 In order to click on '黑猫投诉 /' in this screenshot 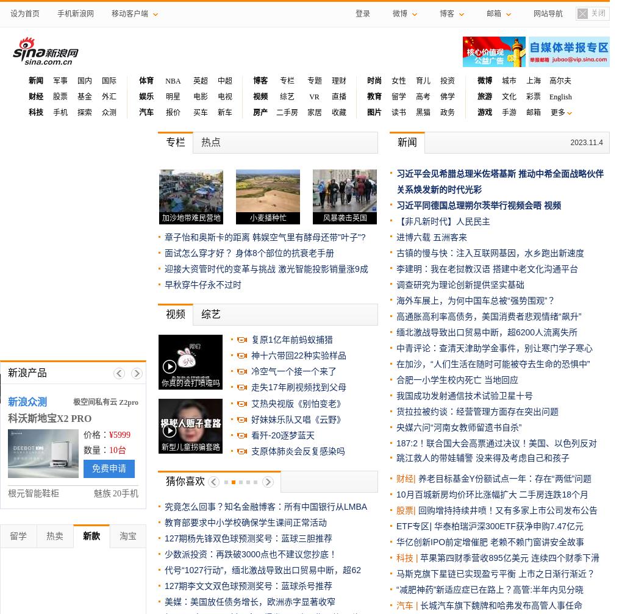, I will do `click(174, 401)`.